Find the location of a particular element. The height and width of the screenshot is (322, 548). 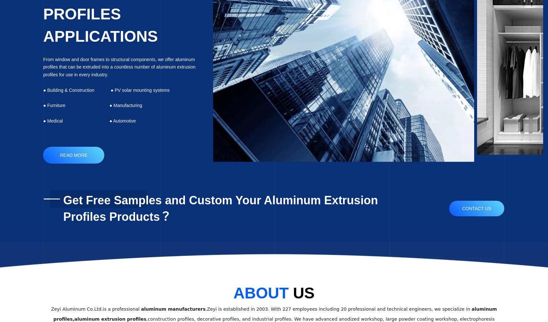

'US' is located at coordinates (303, 292).